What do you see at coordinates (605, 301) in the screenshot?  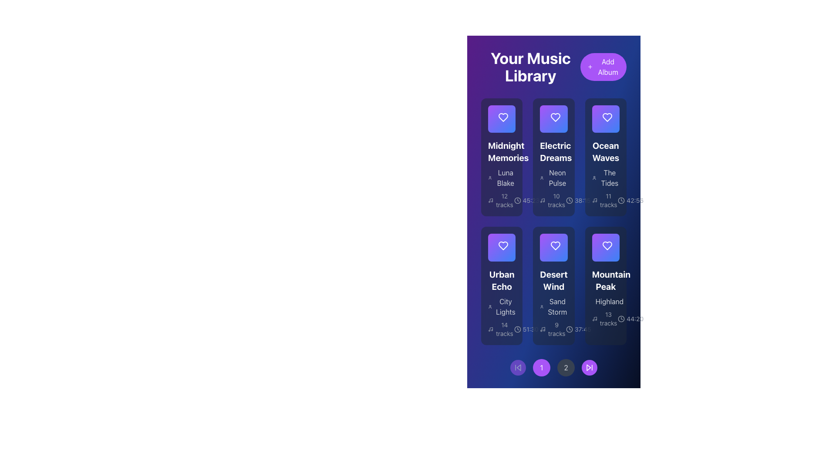 I see `the text label that serves as a subtitle for the 'Mountain Peak' music item, located beneath the title and above the metadata details` at bounding box center [605, 301].